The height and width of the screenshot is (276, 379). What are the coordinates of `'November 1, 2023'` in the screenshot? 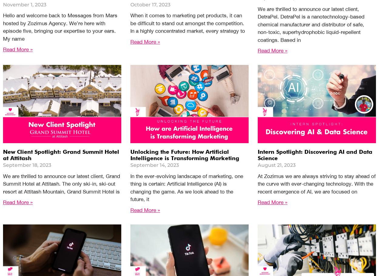 It's located at (24, 4).